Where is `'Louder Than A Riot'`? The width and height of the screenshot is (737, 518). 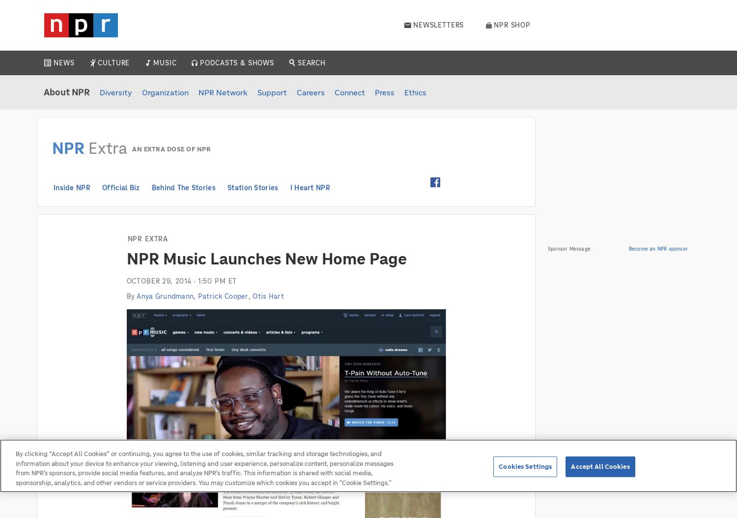
'Louder Than A Riot' is located at coordinates (370, 136).